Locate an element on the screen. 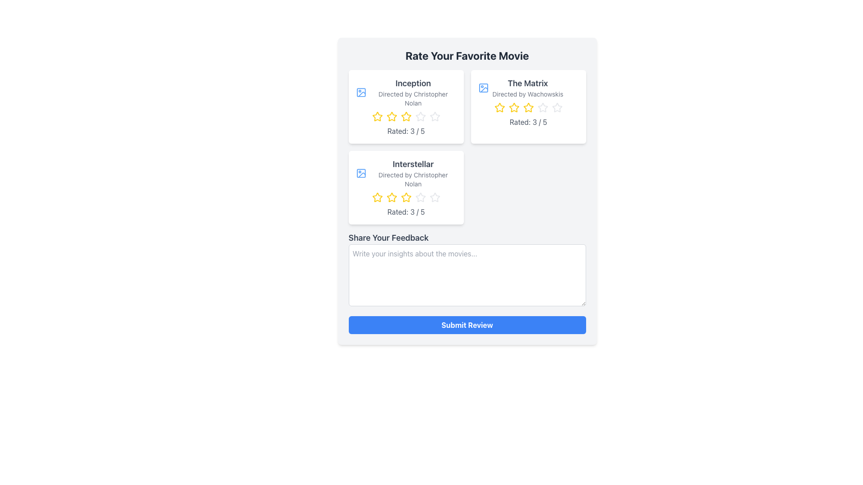  the second yellow Rating Star Icon associated with the movie 'Interstellar' to rate it is located at coordinates (391, 197).